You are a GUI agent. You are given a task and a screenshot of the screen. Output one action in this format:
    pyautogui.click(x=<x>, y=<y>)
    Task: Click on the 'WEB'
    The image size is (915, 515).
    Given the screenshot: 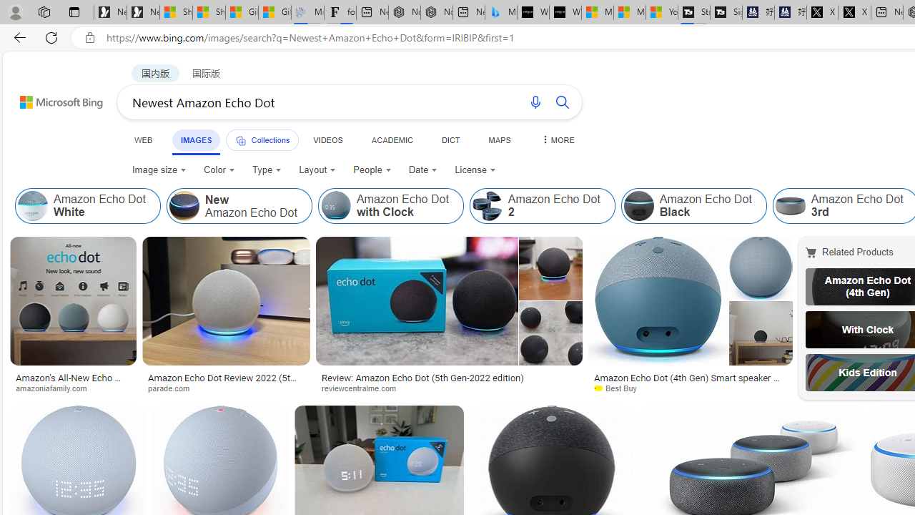 What is the action you would take?
    pyautogui.click(x=144, y=139)
    